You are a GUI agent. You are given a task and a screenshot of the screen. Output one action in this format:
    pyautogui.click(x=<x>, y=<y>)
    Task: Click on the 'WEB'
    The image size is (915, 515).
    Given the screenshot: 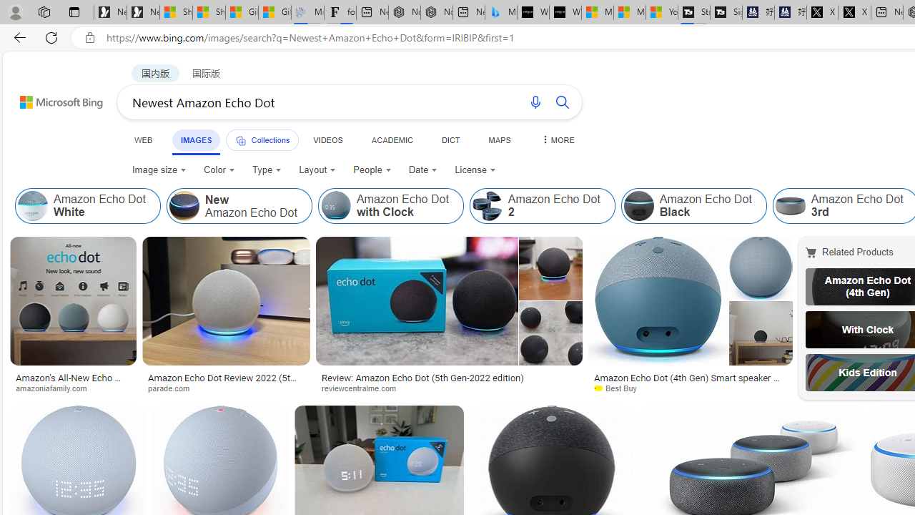 What is the action you would take?
    pyautogui.click(x=144, y=139)
    